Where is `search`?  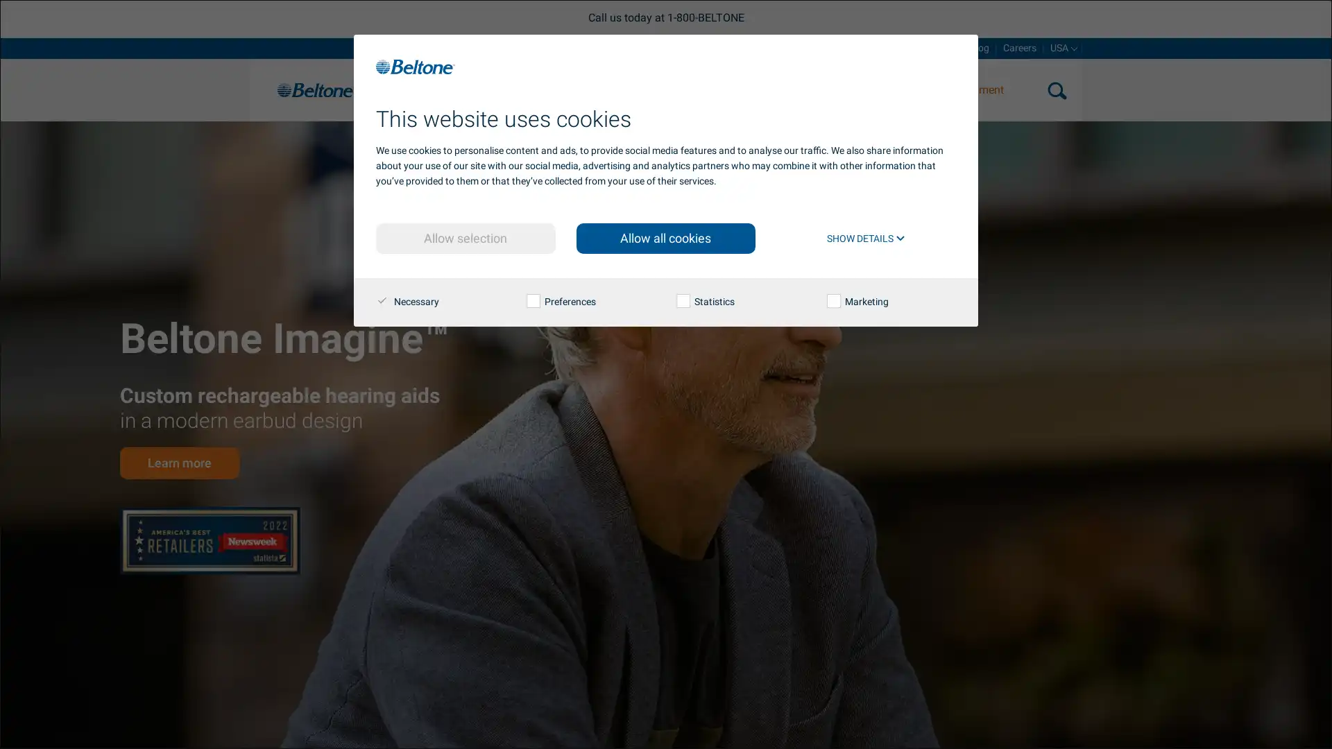 search is located at coordinates (857, 33).